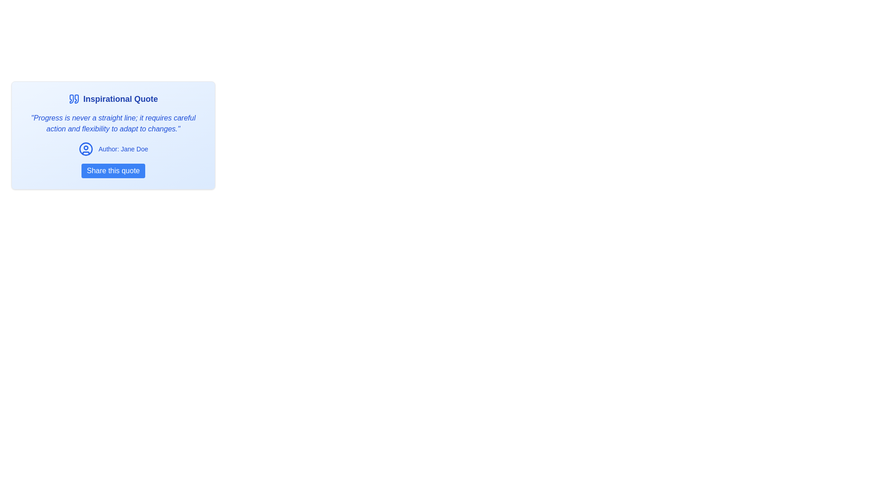  Describe the element at coordinates (120, 99) in the screenshot. I see `text from the Text Label located in the middle-top section of the card-like component, which is adjacent to a decorative icon and above a descriptive text block` at that location.